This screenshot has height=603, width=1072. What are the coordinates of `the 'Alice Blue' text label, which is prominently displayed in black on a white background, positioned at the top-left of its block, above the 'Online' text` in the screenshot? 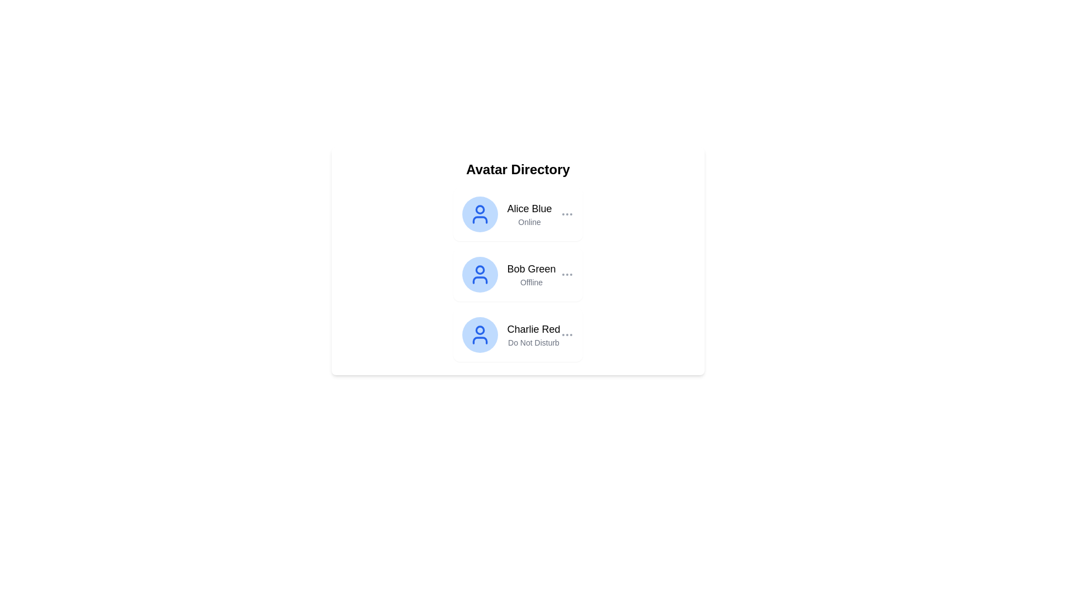 It's located at (529, 209).